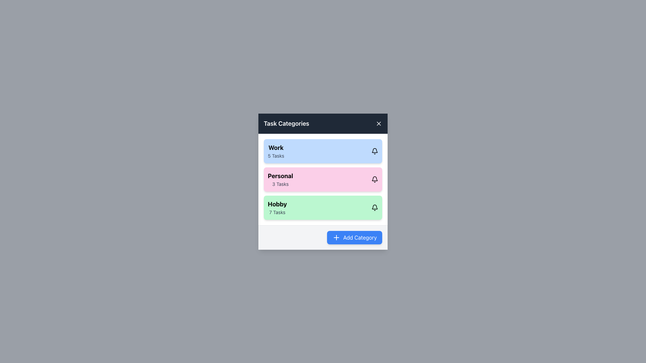  I want to click on the bell-shaped icon with an outlined appearance located in the 'Hobby 7 Tasks' section of the 'Task Categories' interface, so click(374, 207).